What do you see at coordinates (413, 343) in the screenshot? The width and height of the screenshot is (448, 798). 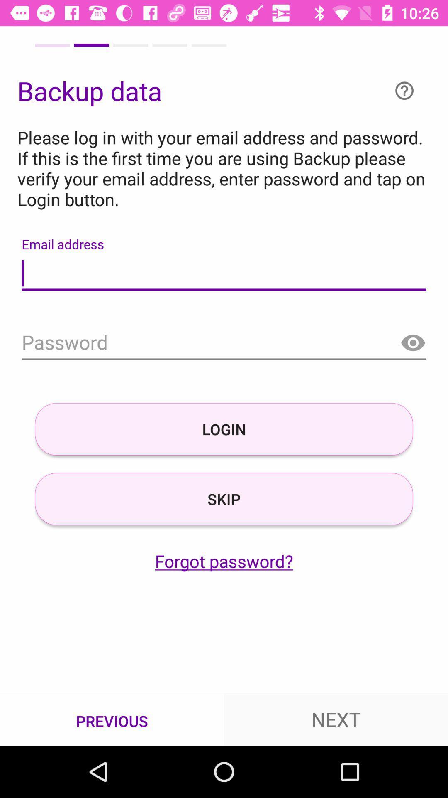 I see `show password option` at bounding box center [413, 343].